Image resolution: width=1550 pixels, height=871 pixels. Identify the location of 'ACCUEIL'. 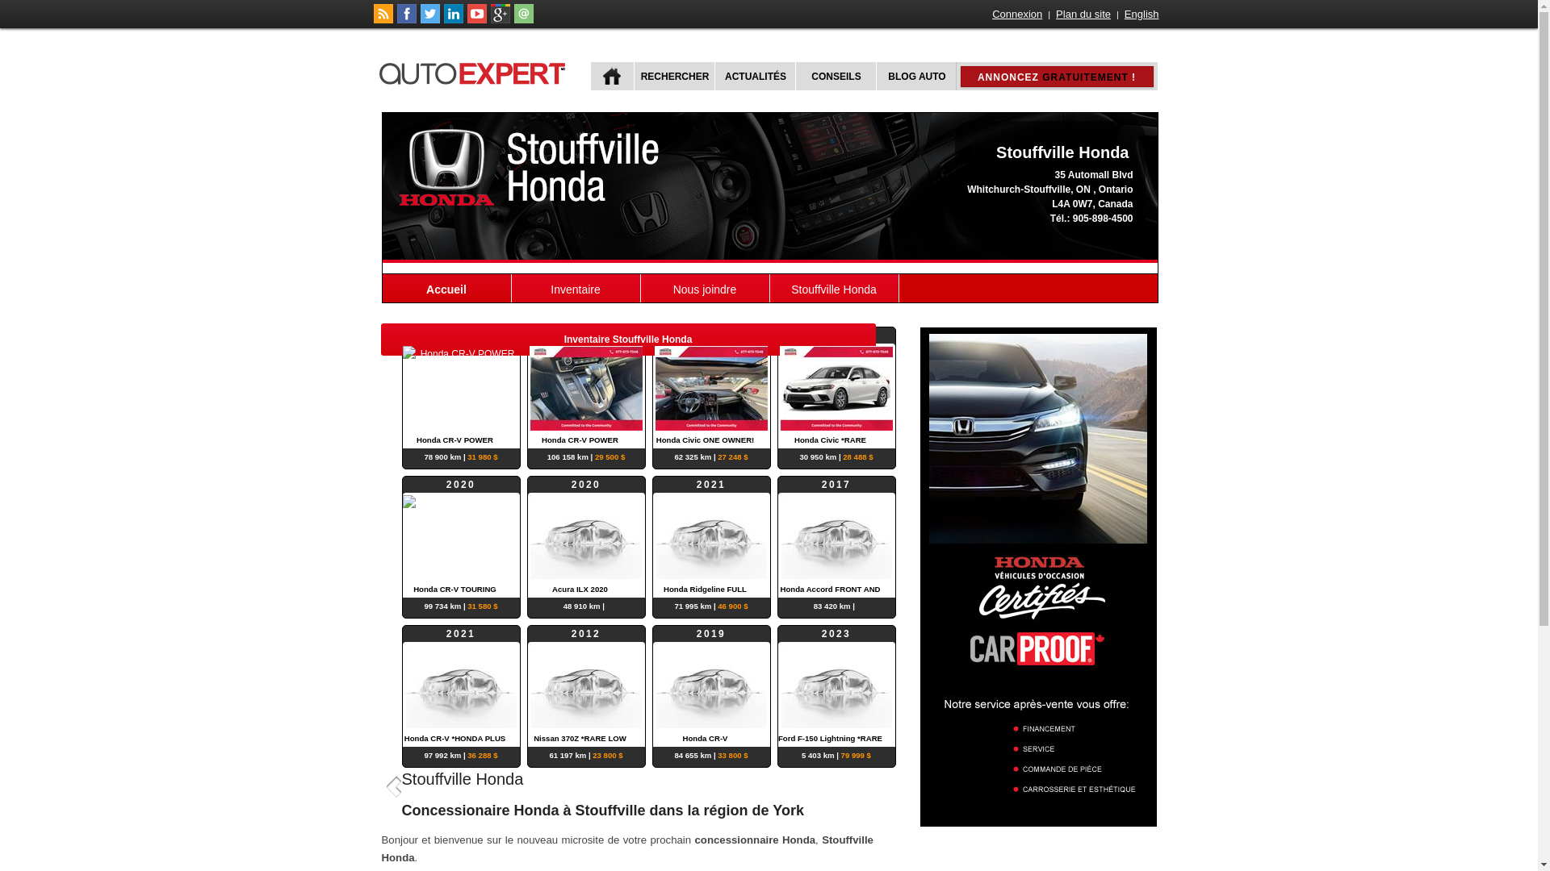
(611, 76).